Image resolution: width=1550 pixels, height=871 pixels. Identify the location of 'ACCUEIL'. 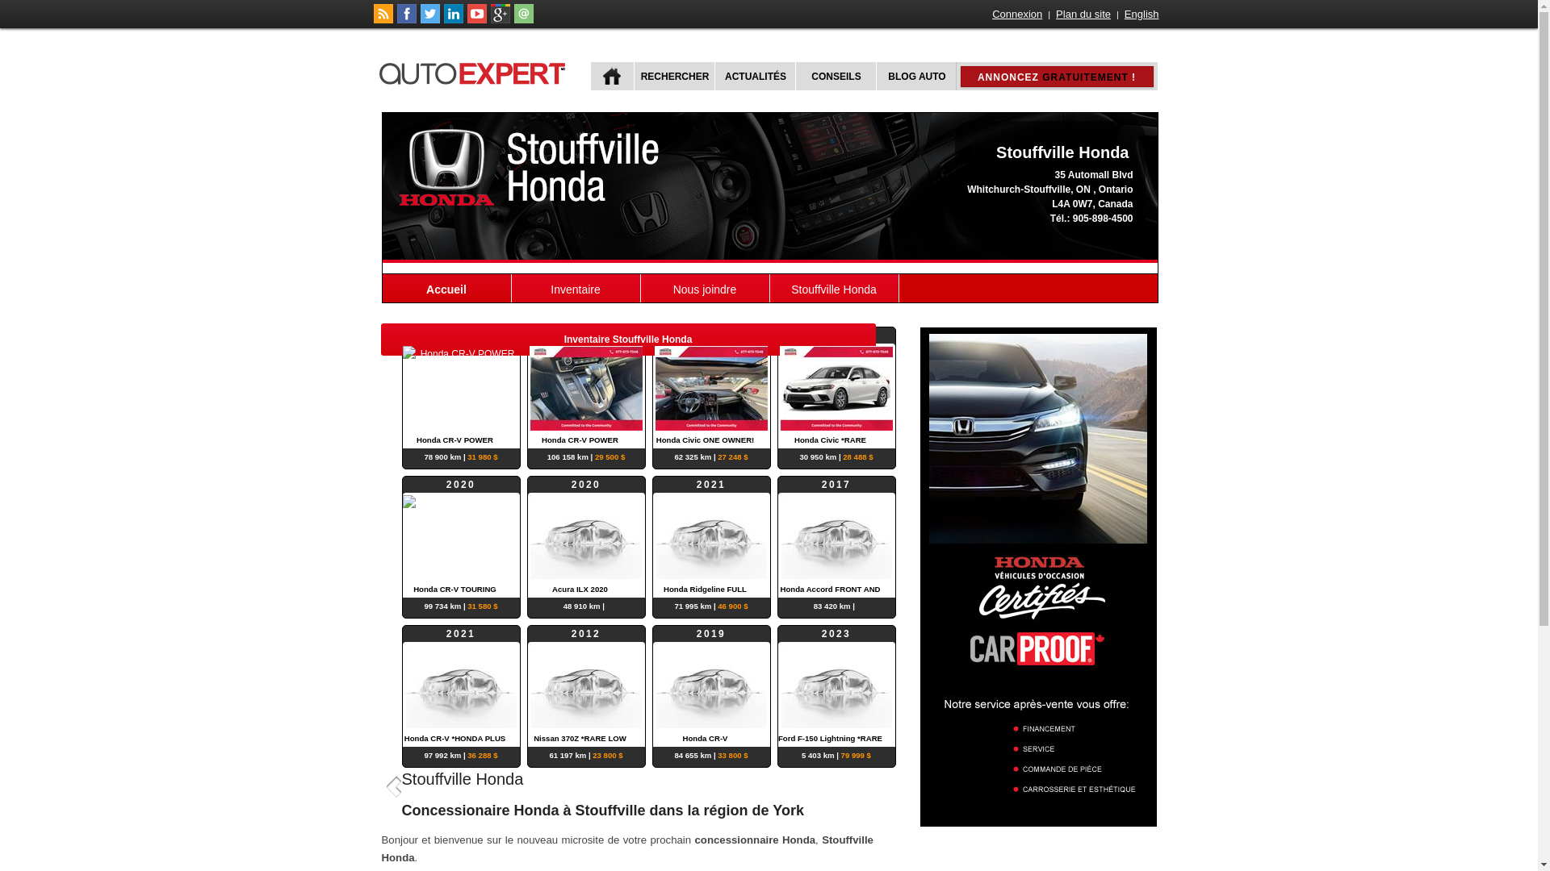
(611, 76).